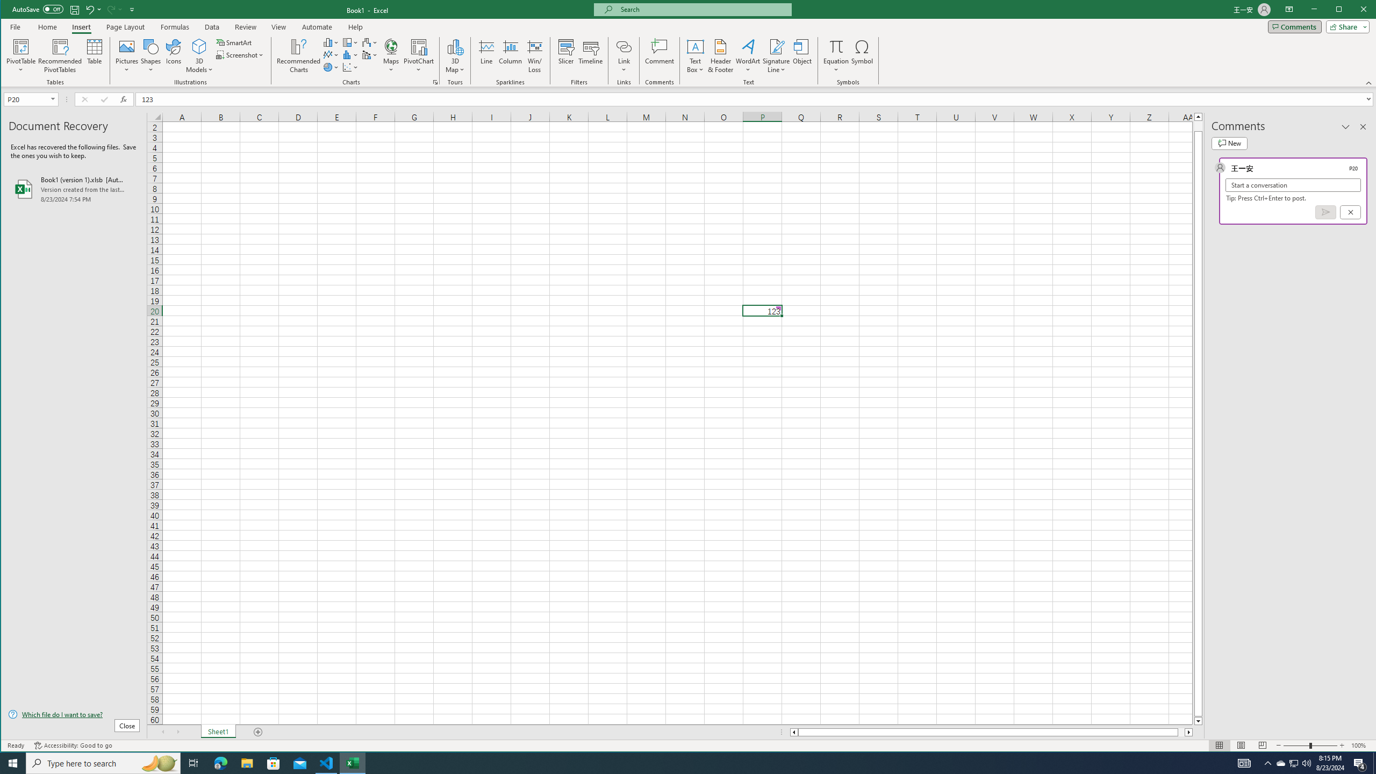 The image size is (1376, 774). What do you see at coordinates (331, 42) in the screenshot?
I see `'Insert Column or Bar Chart'` at bounding box center [331, 42].